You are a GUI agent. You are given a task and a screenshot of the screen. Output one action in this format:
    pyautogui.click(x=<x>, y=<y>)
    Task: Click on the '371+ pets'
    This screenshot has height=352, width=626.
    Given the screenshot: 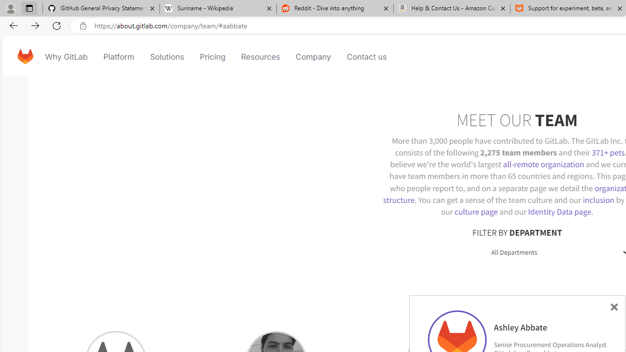 What is the action you would take?
    pyautogui.click(x=607, y=152)
    